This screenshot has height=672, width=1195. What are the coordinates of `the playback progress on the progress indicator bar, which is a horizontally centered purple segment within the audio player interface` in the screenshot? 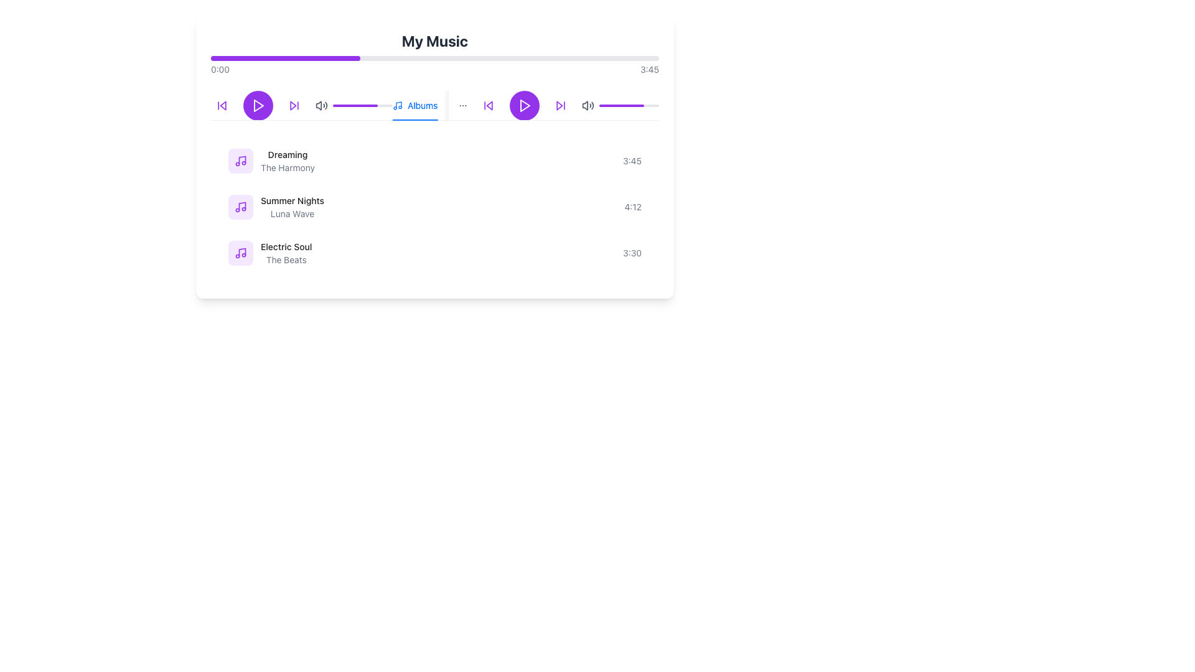 It's located at (285, 58).